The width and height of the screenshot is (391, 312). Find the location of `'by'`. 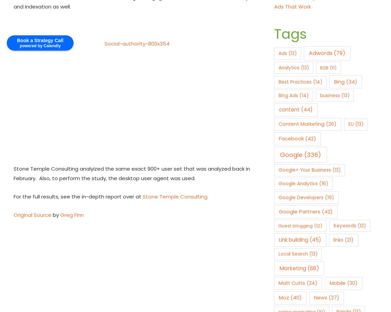

'by' is located at coordinates (56, 214).